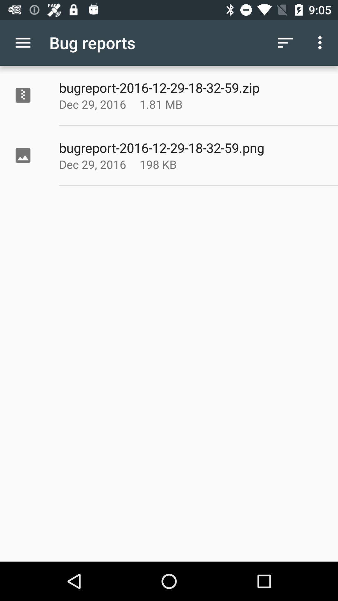 This screenshot has height=601, width=338. What do you see at coordinates (177, 104) in the screenshot?
I see `the item below bugreport 2016 12 item` at bounding box center [177, 104].